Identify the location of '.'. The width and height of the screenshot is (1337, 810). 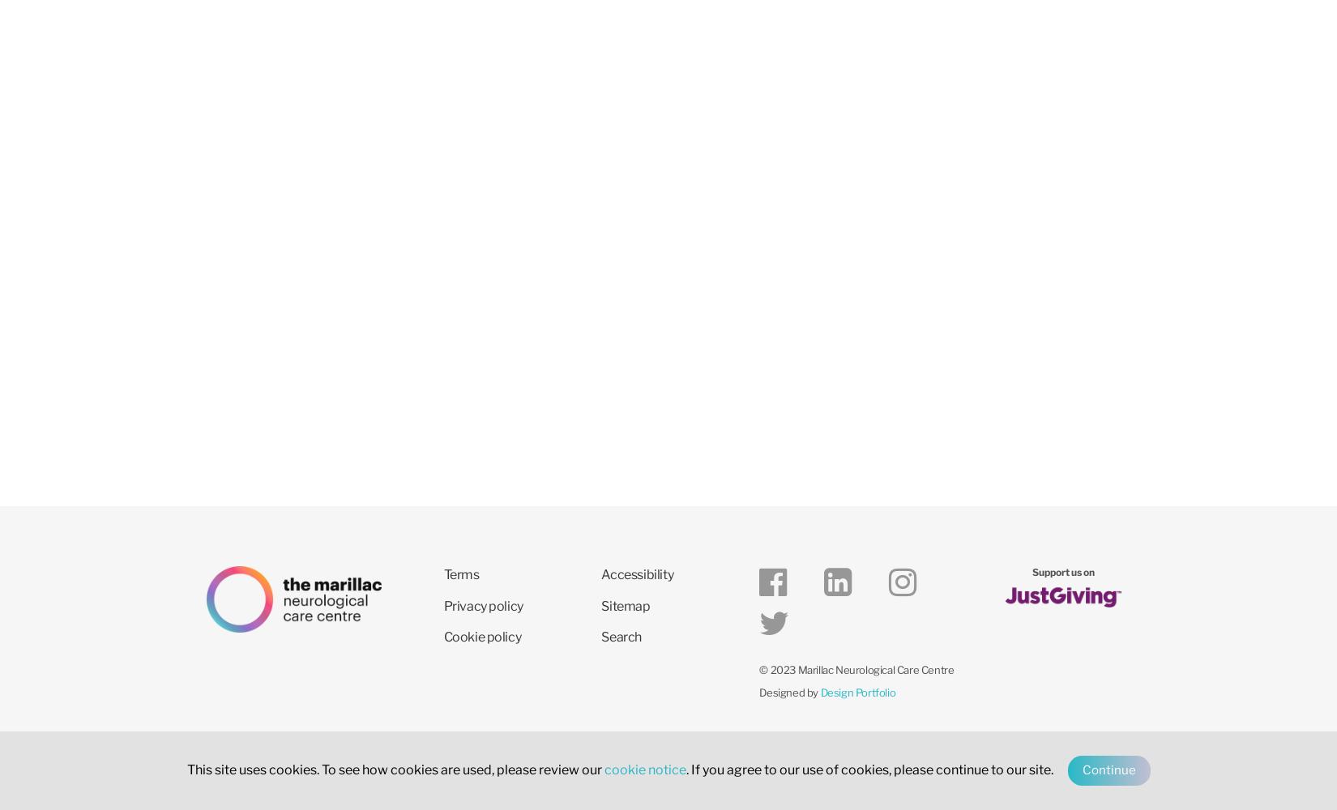
(687, 769).